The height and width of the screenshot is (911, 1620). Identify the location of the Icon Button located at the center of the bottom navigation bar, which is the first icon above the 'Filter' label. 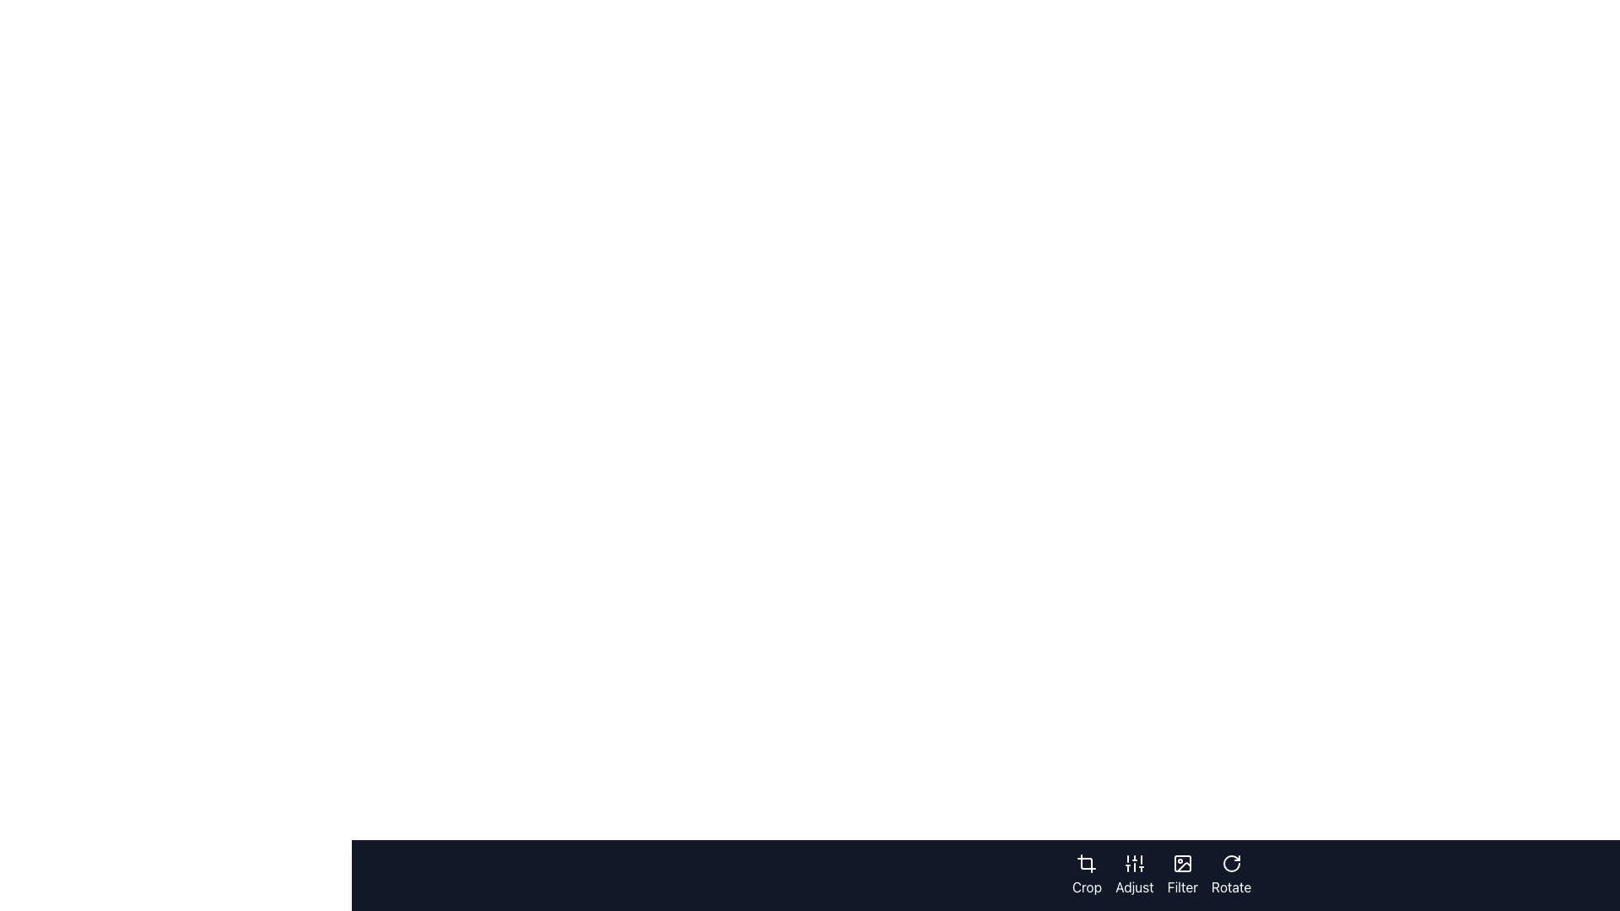
(1181, 863).